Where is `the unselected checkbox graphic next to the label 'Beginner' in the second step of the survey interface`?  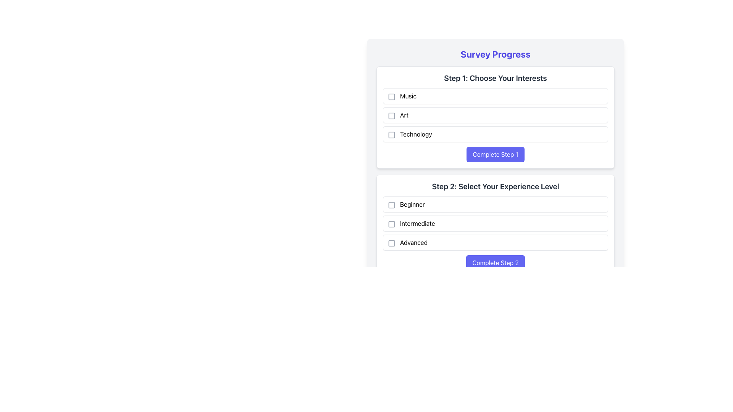 the unselected checkbox graphic next to the label 'Beginner' in the second step of the survey interface is located at coordinates (392, 204).